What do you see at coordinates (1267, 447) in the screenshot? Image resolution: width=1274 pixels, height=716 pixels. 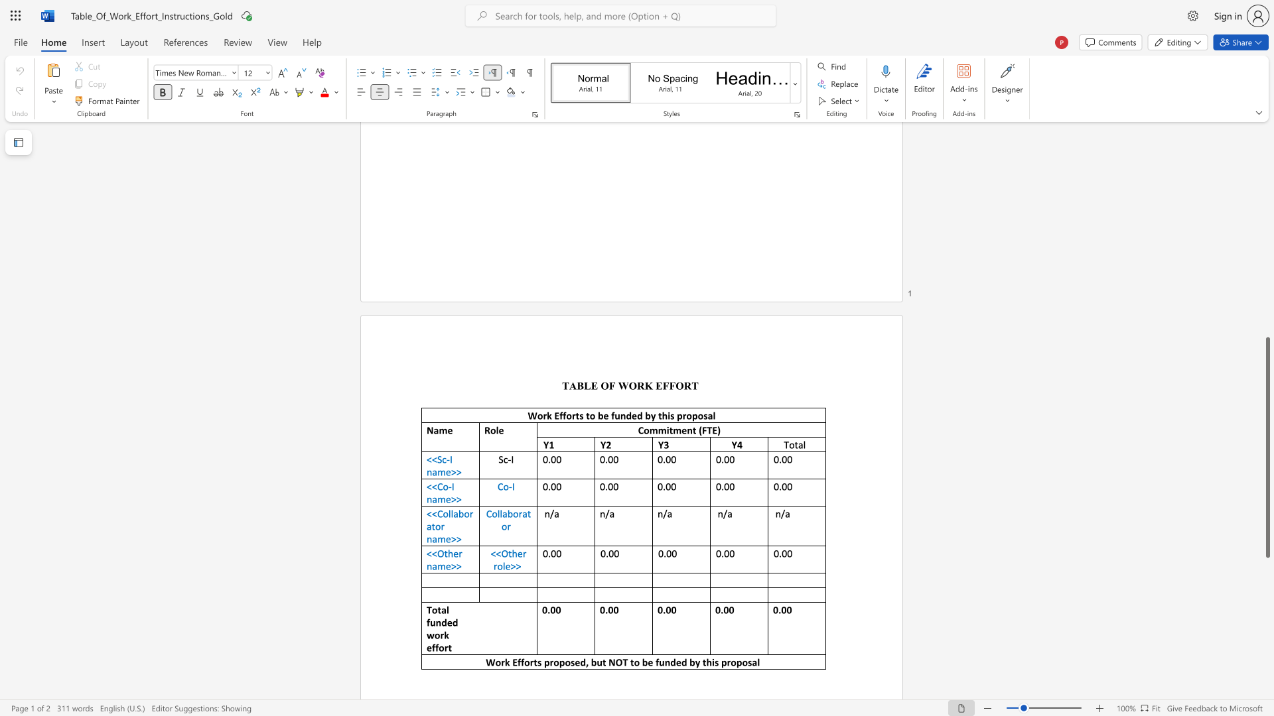 I see `the scrollbar and move up 600 pixels` at bounding box center [1267, 447].